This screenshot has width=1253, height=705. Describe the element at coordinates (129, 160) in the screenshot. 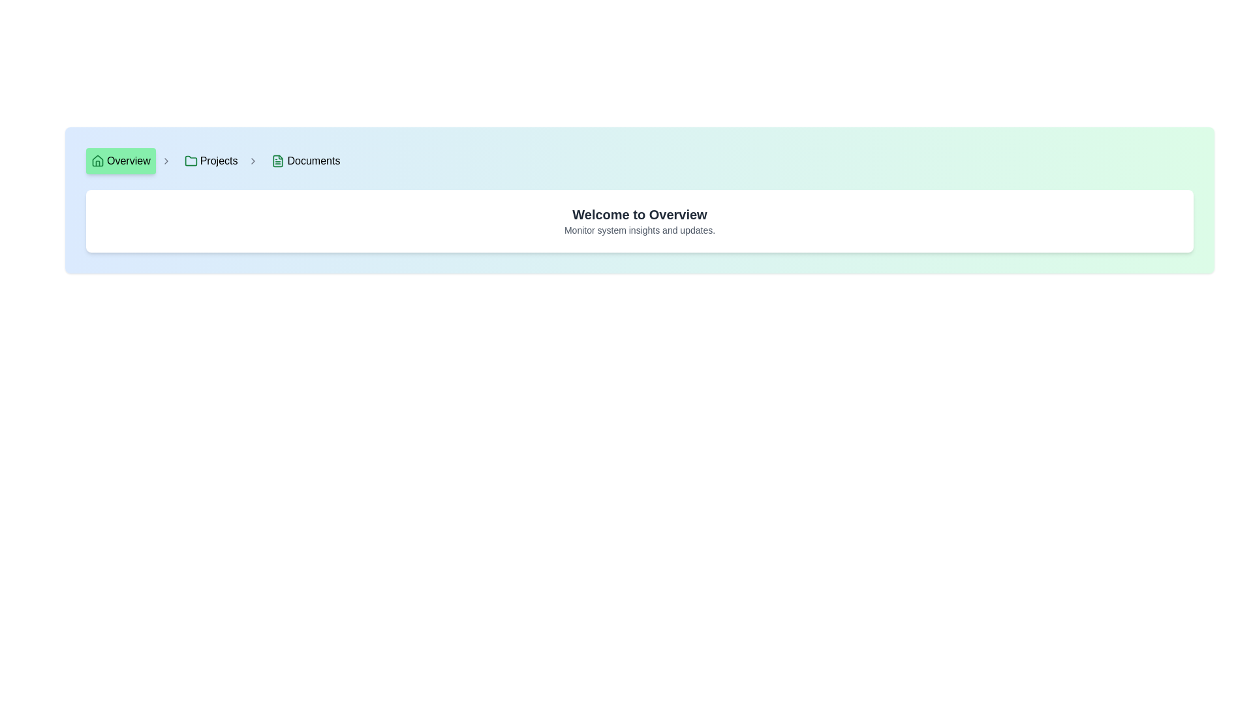

I see `the static text label displaying 'Overview' in bold black font, located on a green background in the breadcrumb navigation bar, adjacent to the house icon` at that location.